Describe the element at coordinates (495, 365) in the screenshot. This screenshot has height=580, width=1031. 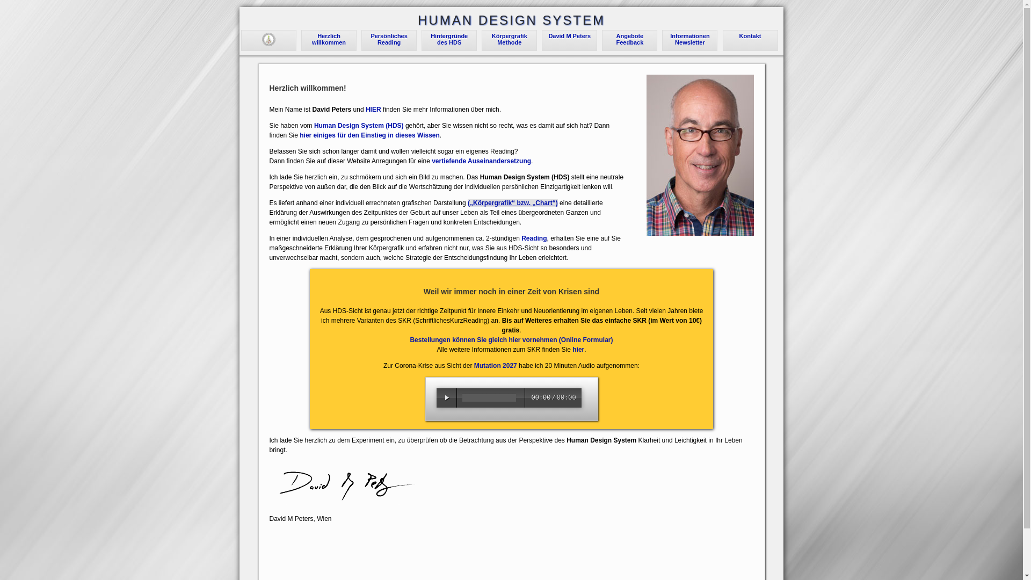
I see `'Mutation 2027'` at that location.